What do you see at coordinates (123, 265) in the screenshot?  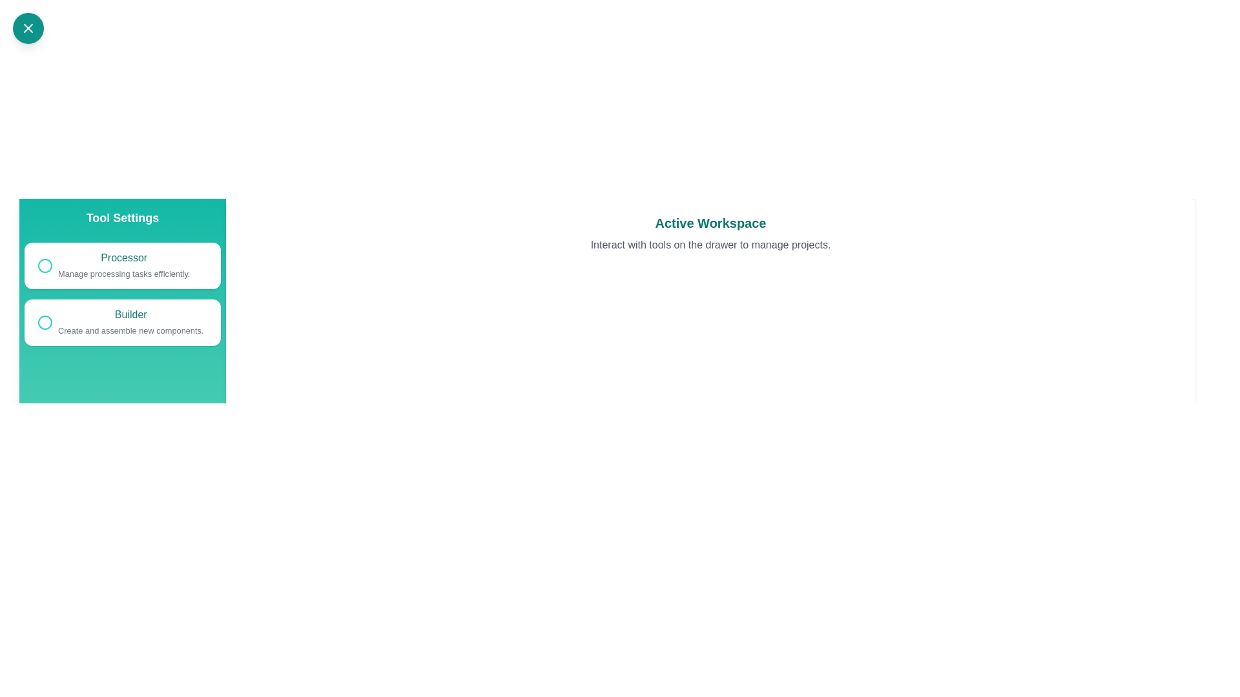 I see `the tool Processor from the tool list` at bounding box center [123, 265].